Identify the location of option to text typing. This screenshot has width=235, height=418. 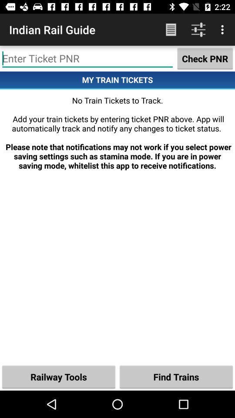
(87, 58).